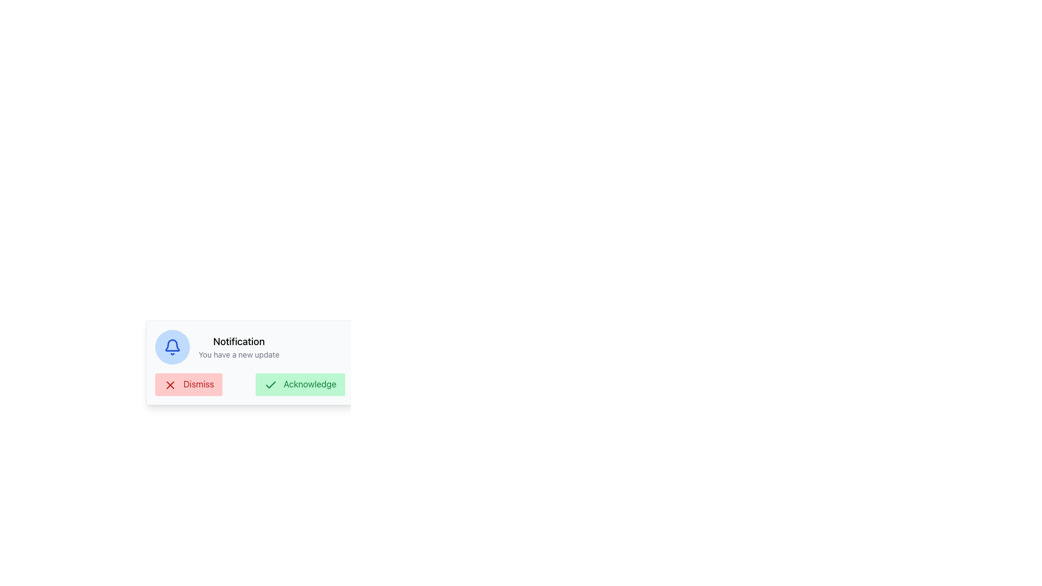 Image resolution: width=1042 pixels, height=586 pixels. Describe the element at coordinates (249, 347) in the screenshot. I see `the notification message text that displays 'Notification' and 'You have a new update' for further interaction or contextual information` at that location.